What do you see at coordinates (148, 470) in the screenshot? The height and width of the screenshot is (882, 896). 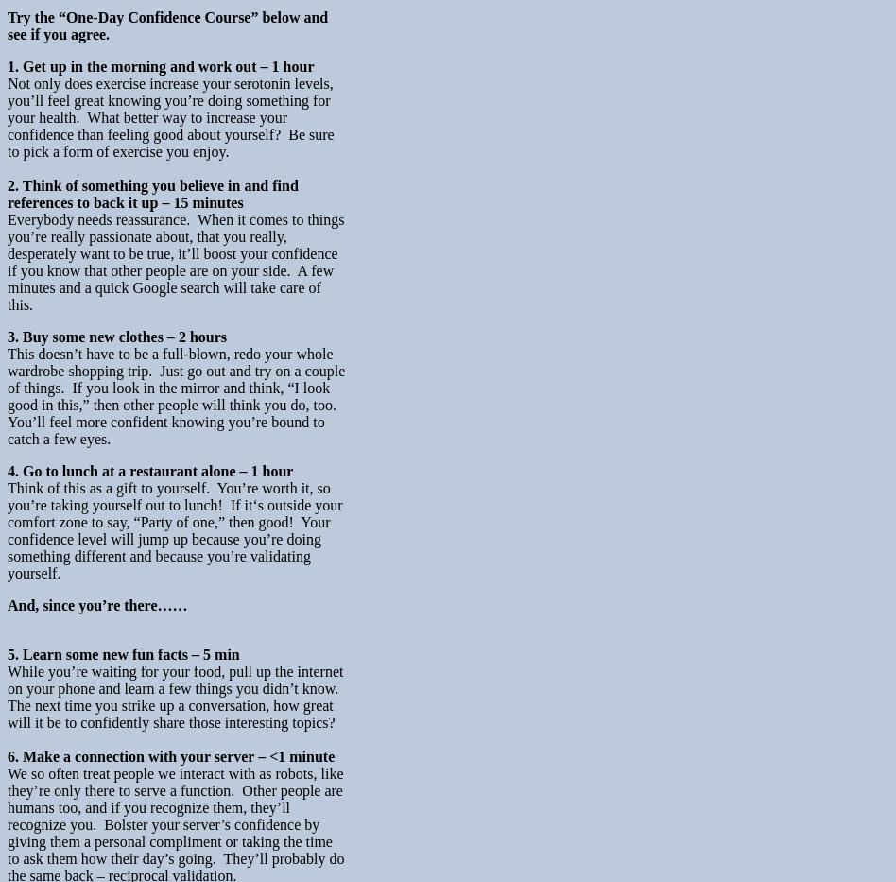 I see `'4. Go to lunch at a restaurant alone – 1 hour'` at bounding box center [148, 470].